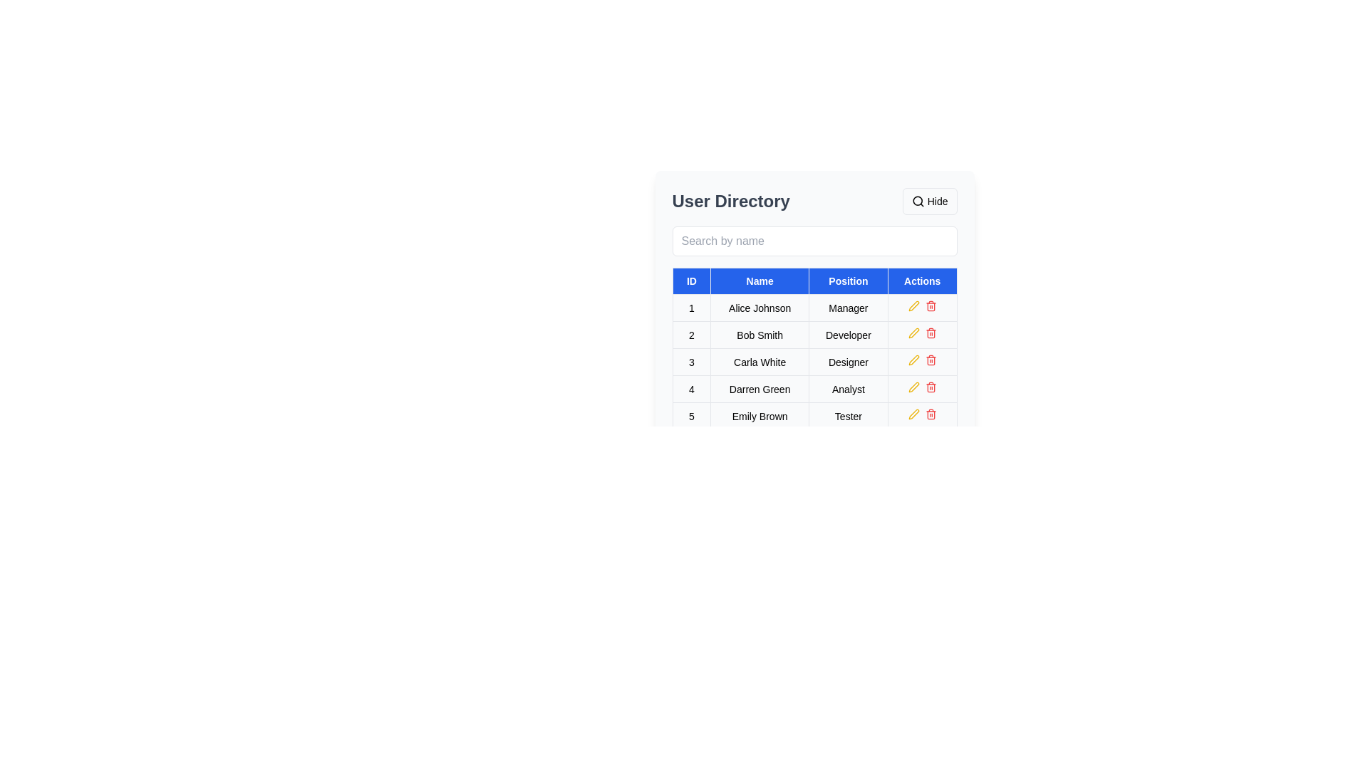  What do you see at coordinates (759, 361) in the screenshot?
I see `the text label displaying 'Carla White' in bold font style located in the 'Name' column of the third row in the user details table` at bounding box center [759, 361].